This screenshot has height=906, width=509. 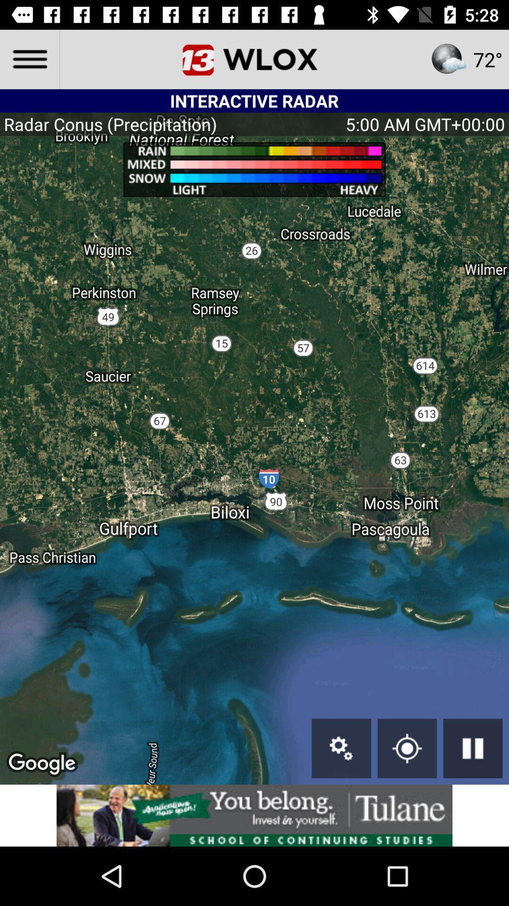 What do you see at coordinates (407, 748) in the screenshot?
I see `the location_crosshair icon` at bounding box center [407, 748].